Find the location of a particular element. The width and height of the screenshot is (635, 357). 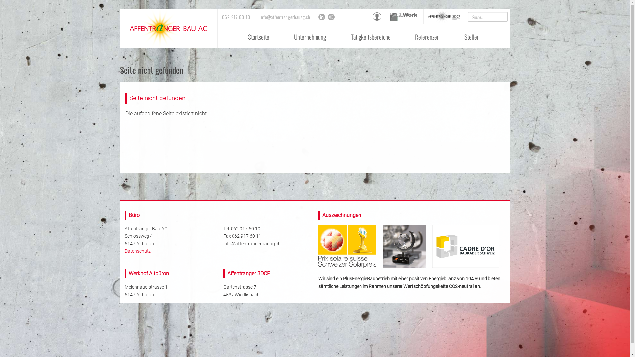

'Gartenstrasse 7 is located at coordinates (241, 290).